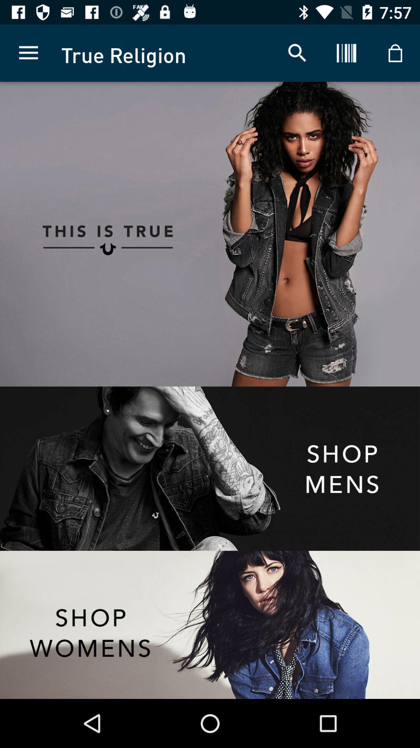 This screenshot has width=420, height=748. I want to click on this is true, so click(105, 234).